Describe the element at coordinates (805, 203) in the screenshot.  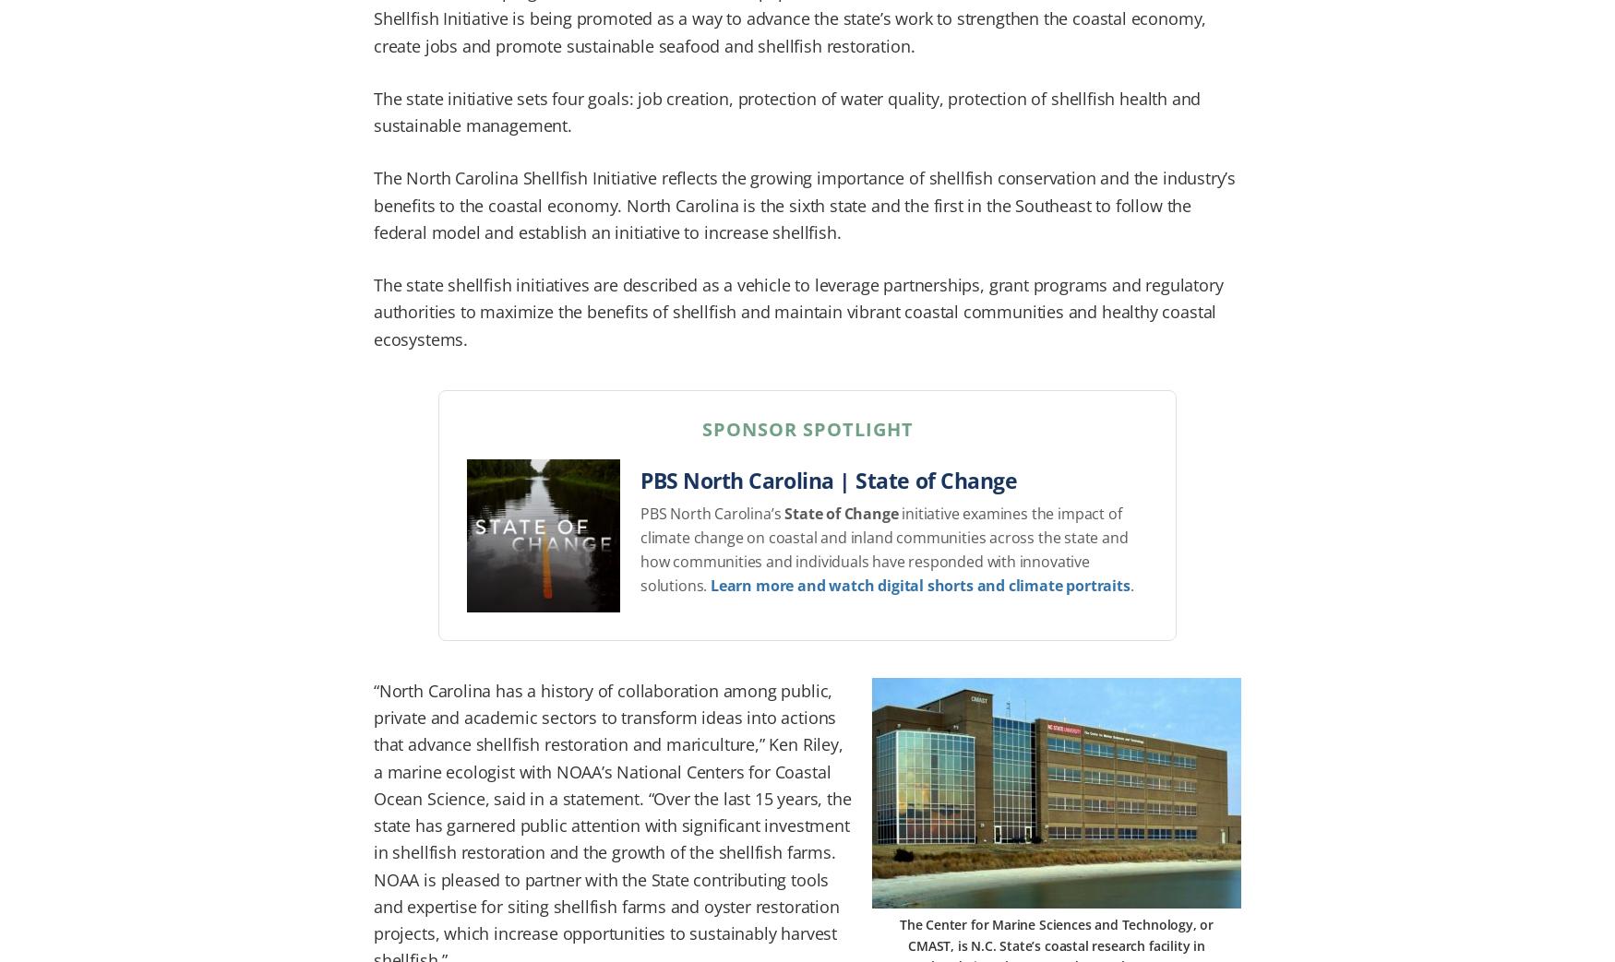
I see `'The North Carolina Shellfish Initiative reflects the growing importance of shellfish conservation and the industry’s benefits to the coastal economy. North Carolina is the sixth state and the first in the Southeast to follow the federal model and establish an initiative to increase shellfish.'` at that location.